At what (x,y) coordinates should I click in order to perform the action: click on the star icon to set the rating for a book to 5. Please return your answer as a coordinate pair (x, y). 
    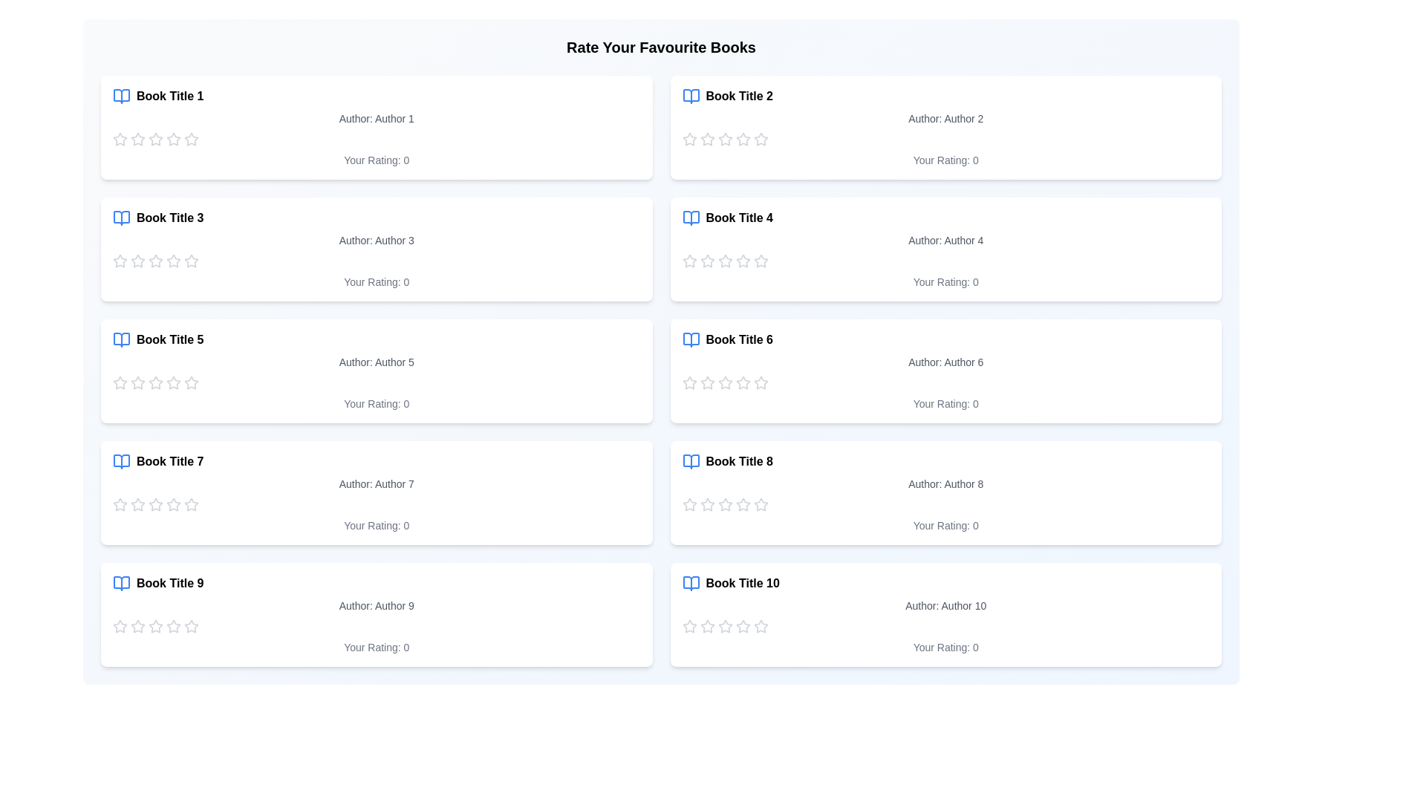
    Looking at the image, I should click on (191, 140).